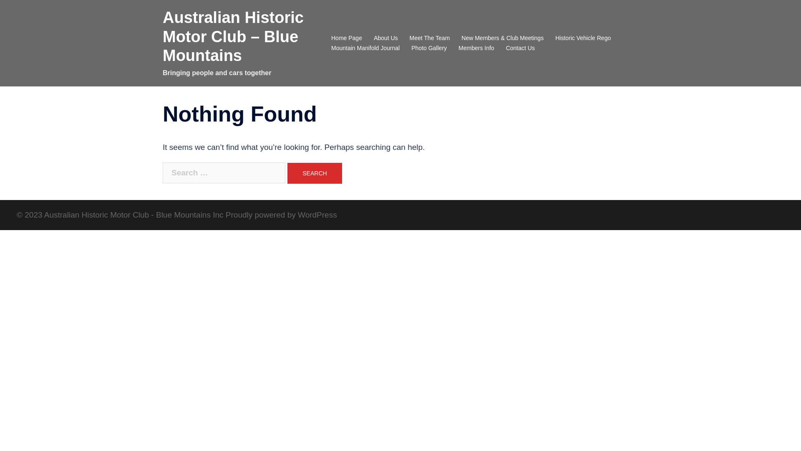 This screenshot has height=451, width=801. I want to click on 'Photo Gallery', so click(429, 48).